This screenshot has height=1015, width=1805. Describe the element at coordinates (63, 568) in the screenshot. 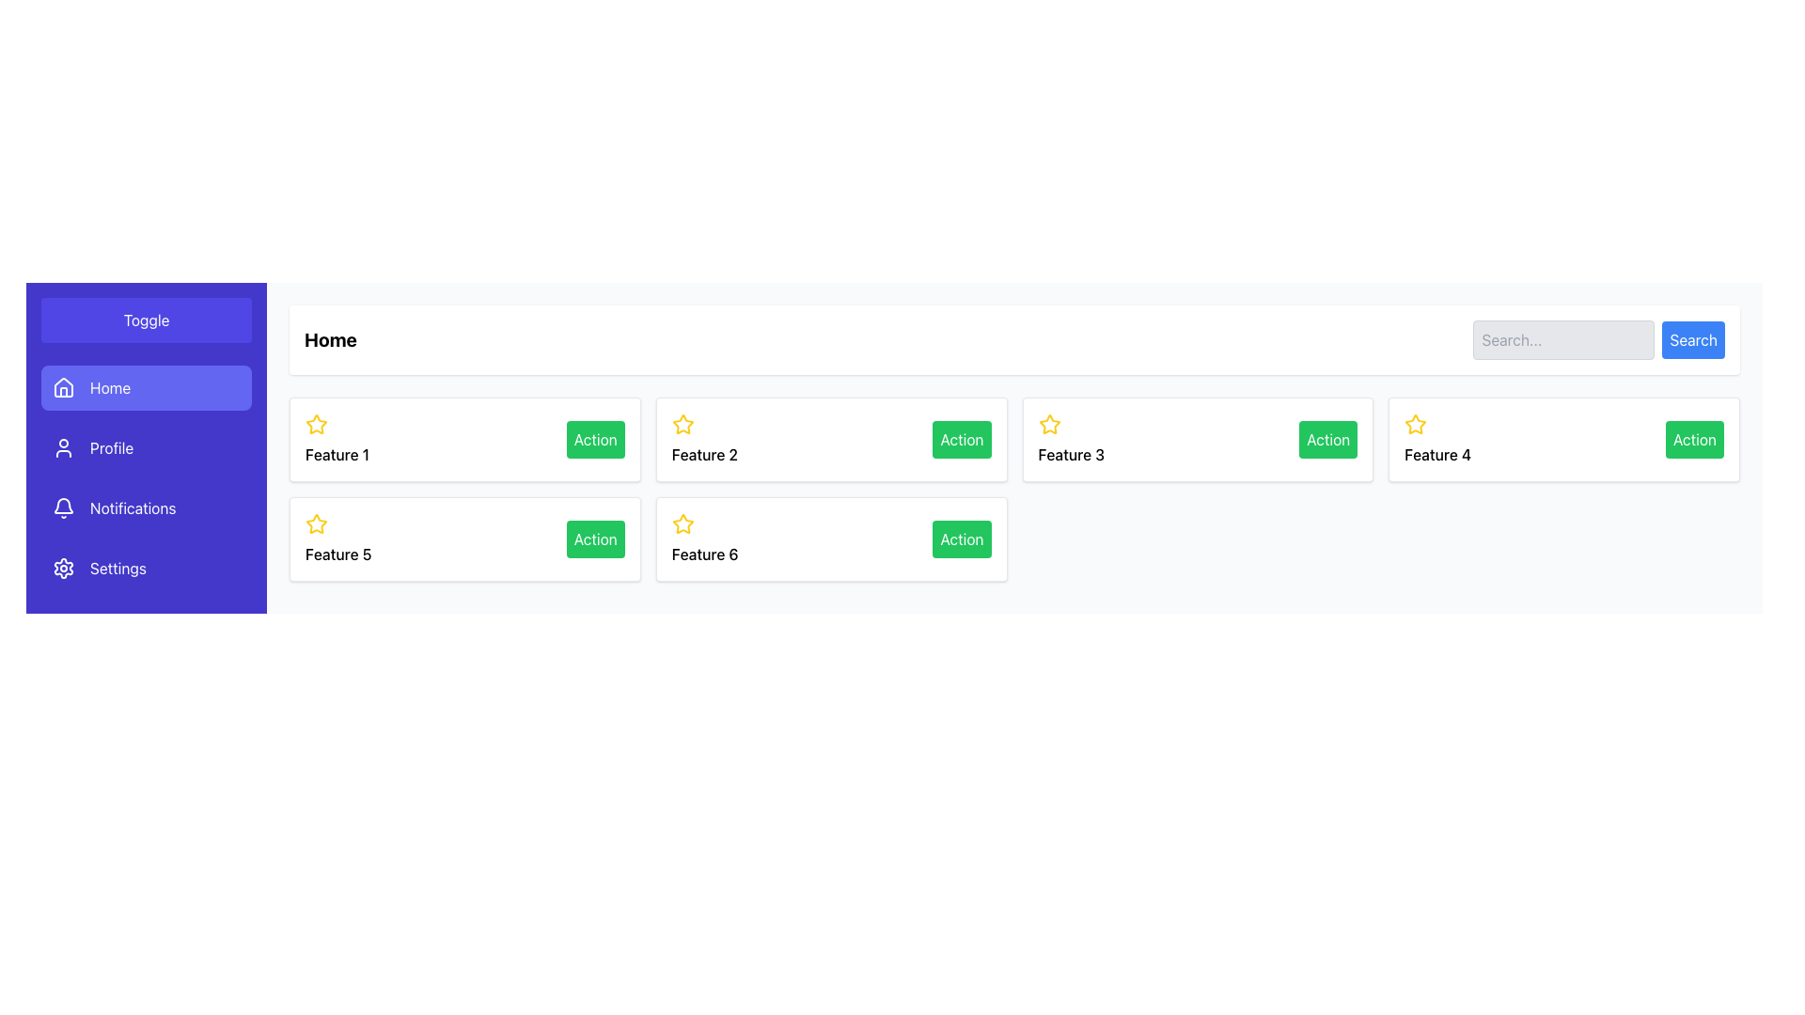

I see `the purple gear-shaped icon located in the bottom-right of the navigation sidebar` at that location.